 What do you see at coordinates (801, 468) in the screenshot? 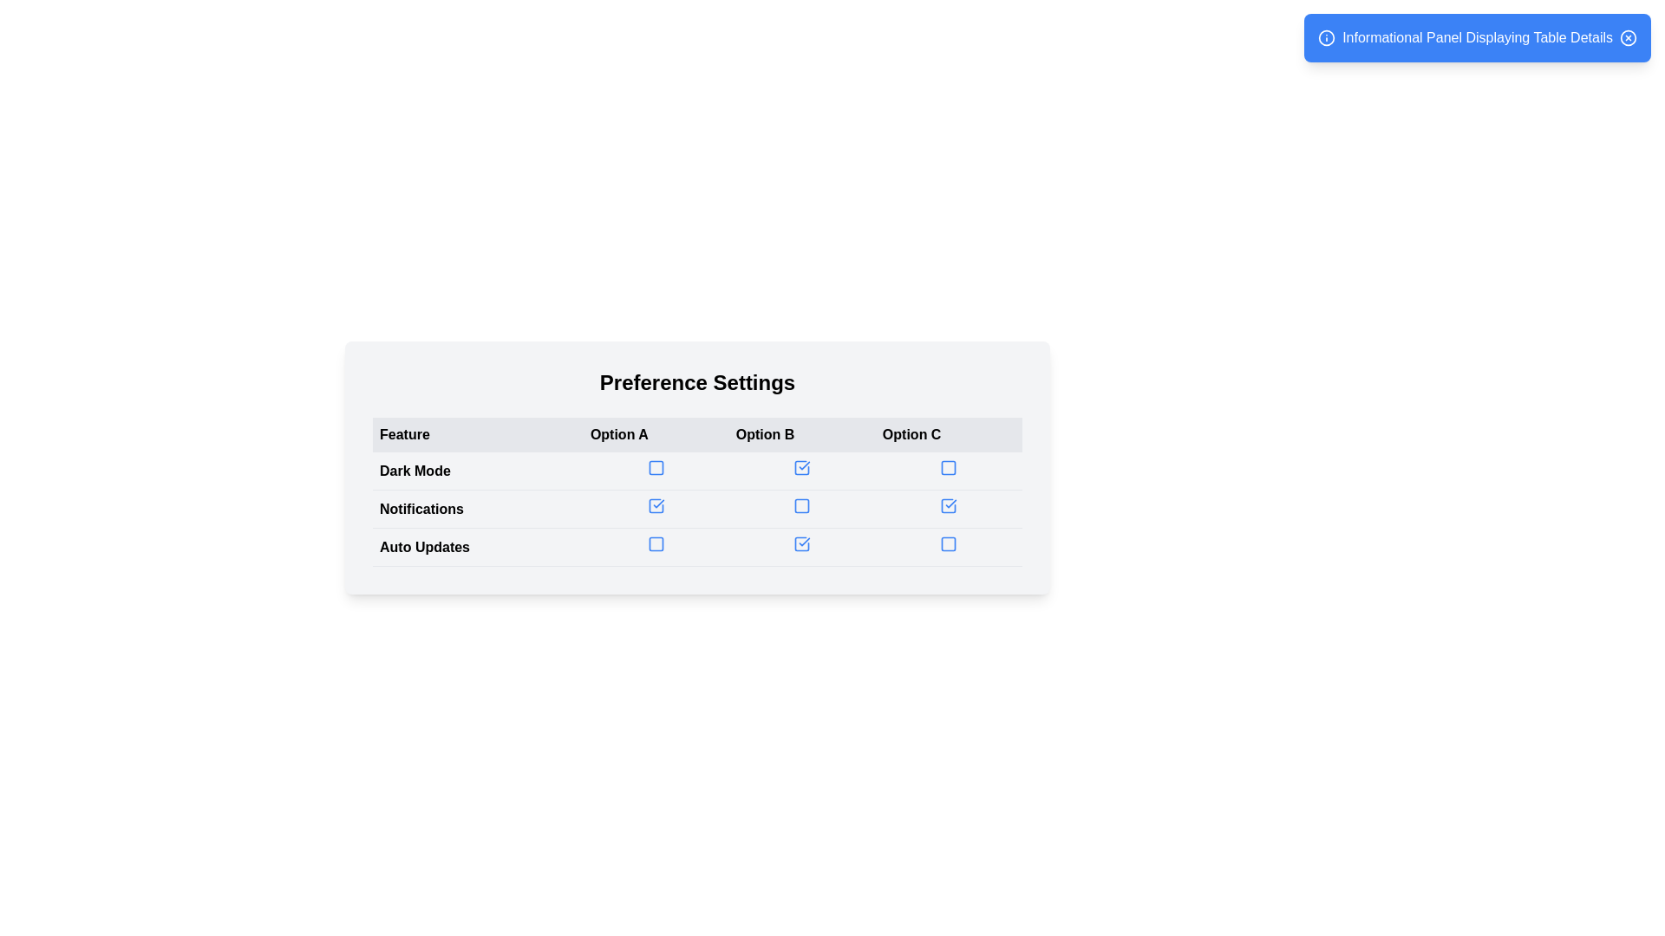
I see `the checkbox for 'Dark Mode' under 'Option B'` at bounding box center [801, 468].